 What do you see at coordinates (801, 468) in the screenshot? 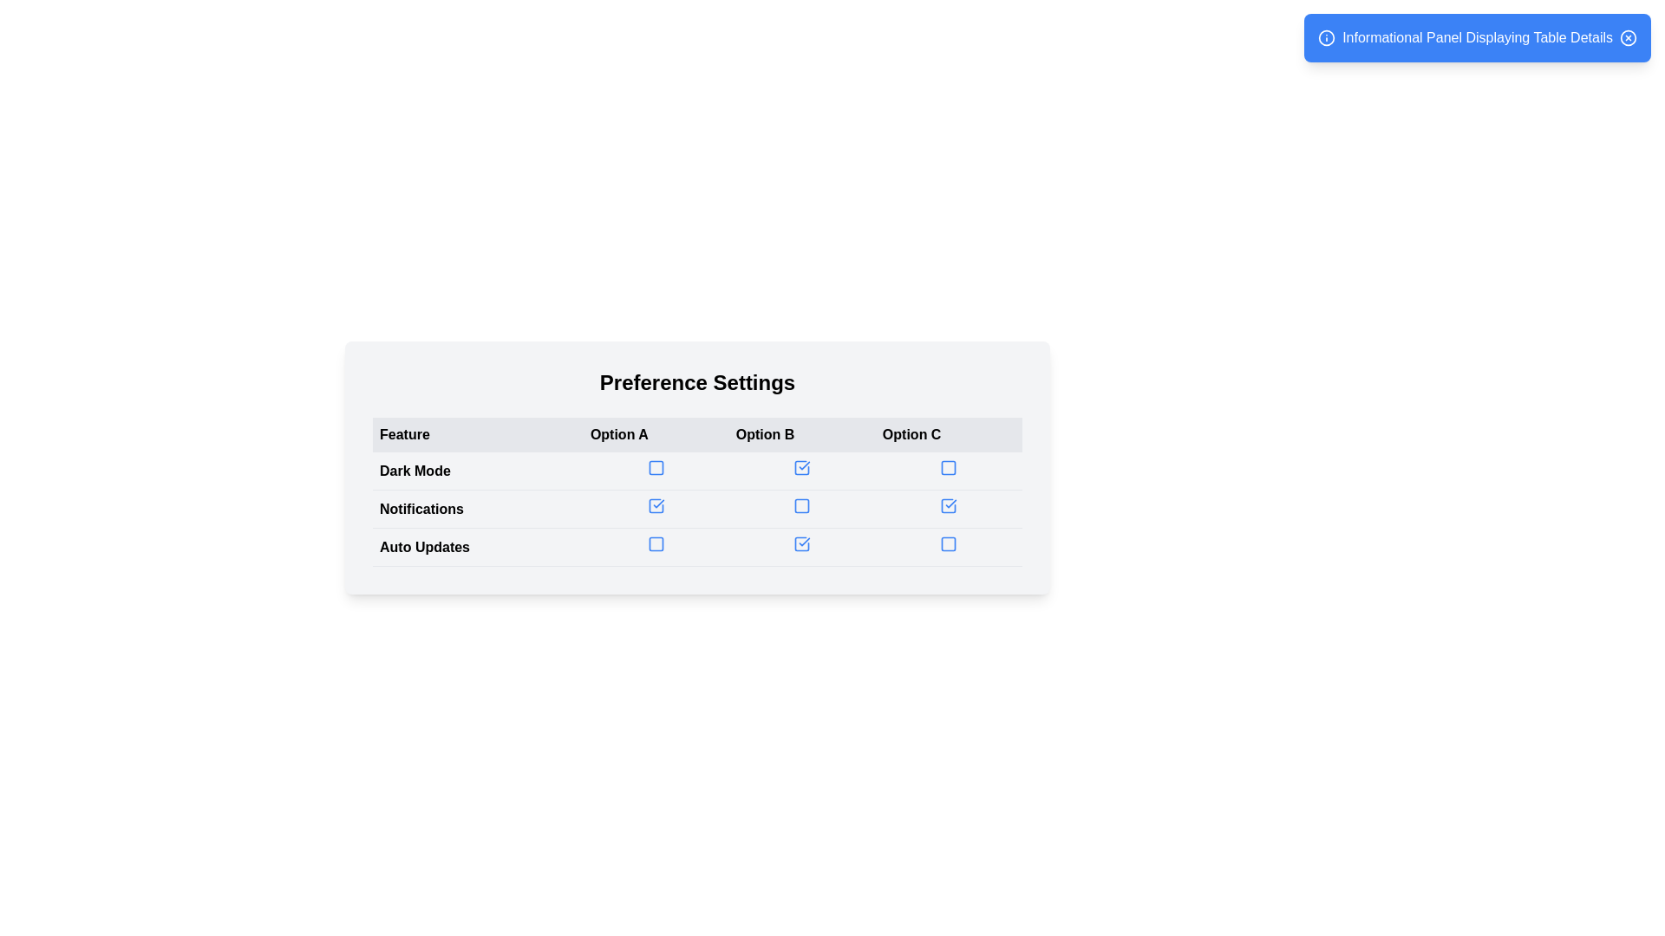
I see `the checkbox for 'Dark Mode' under 'Option B'` at bounding box center [801, 468].